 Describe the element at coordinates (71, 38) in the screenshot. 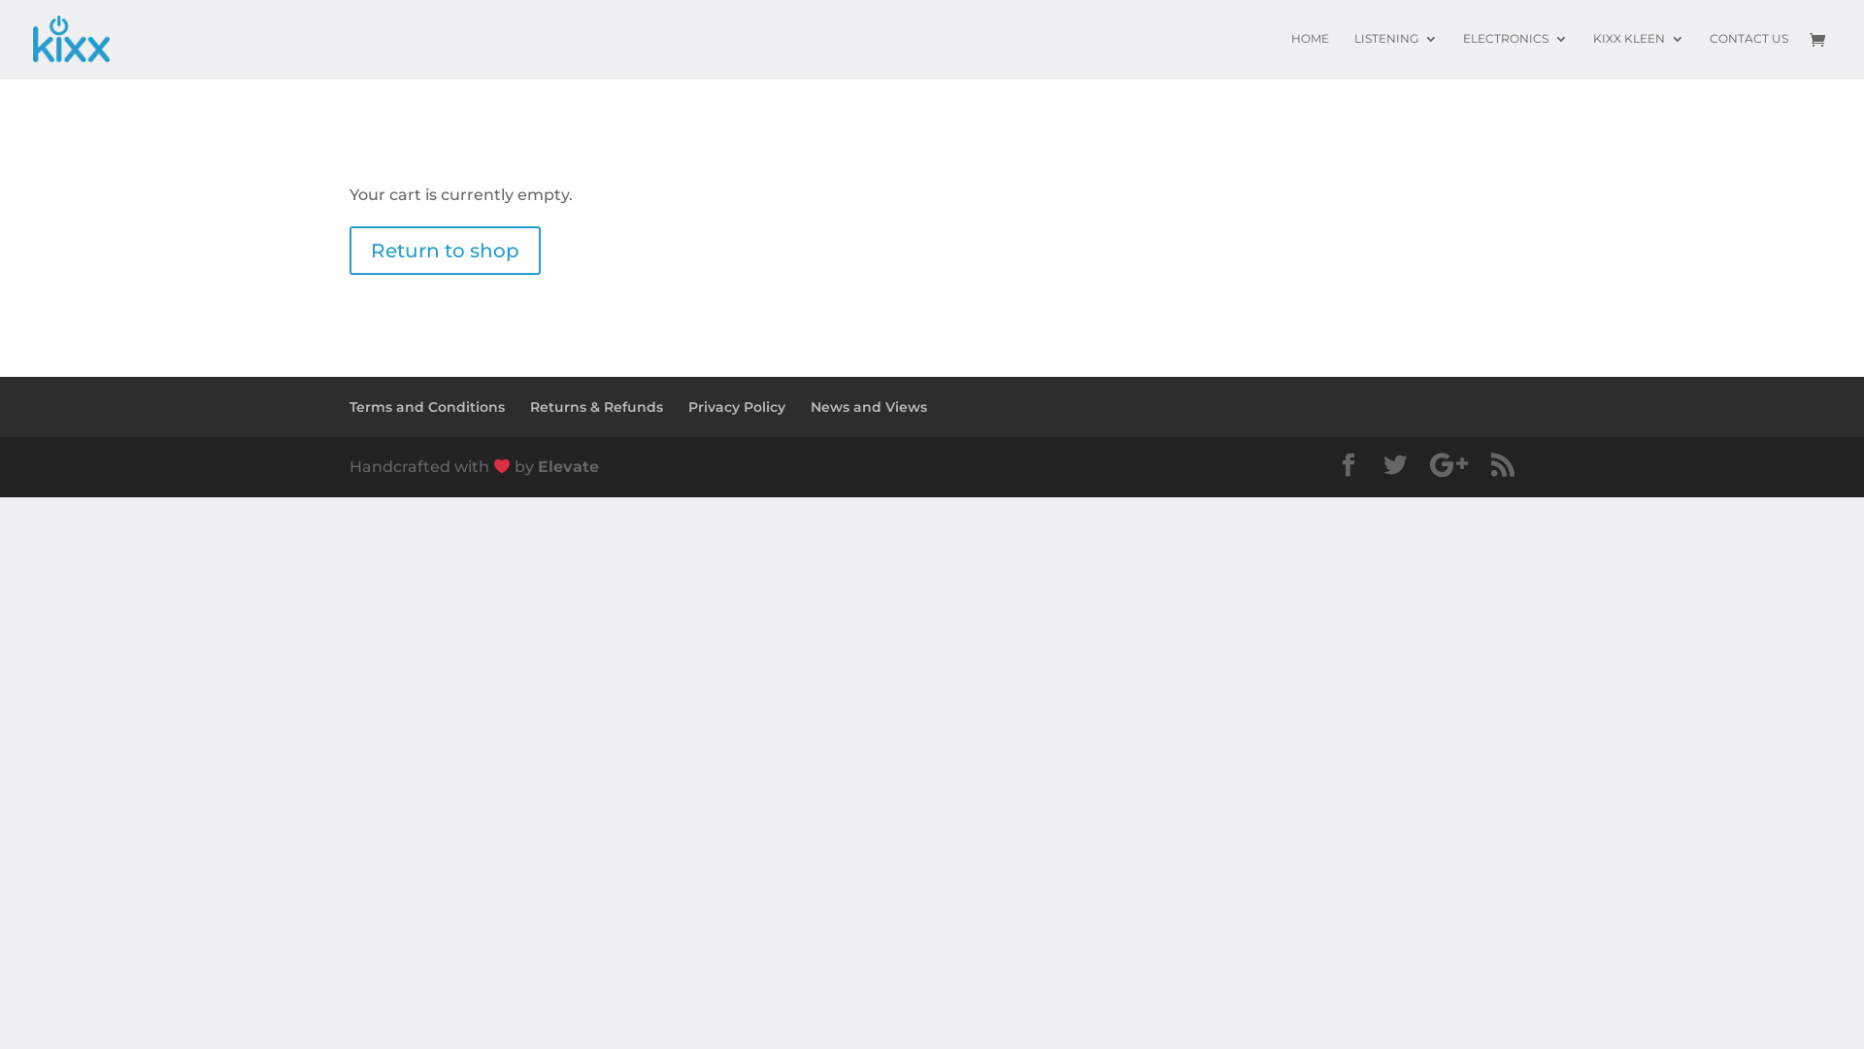

I see `'KIXX'` at that location.